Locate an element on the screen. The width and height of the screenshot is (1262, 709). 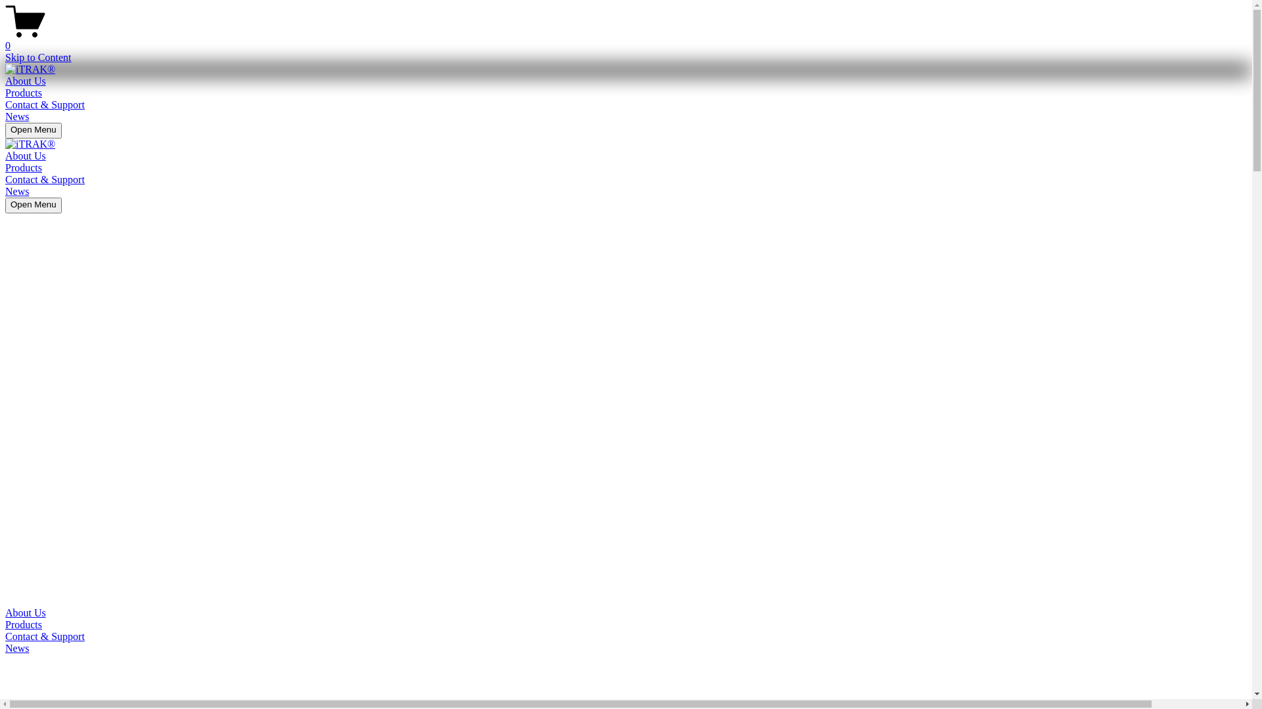
'0' is located at coordinates (625, 39).